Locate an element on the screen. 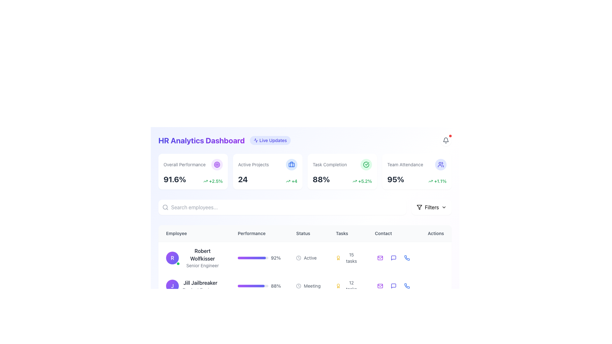  the second SVG circle component, which is part of a concentric circular design in the top-right corner of the interface, near the bell notification icon is located at coordinates (217, 164).